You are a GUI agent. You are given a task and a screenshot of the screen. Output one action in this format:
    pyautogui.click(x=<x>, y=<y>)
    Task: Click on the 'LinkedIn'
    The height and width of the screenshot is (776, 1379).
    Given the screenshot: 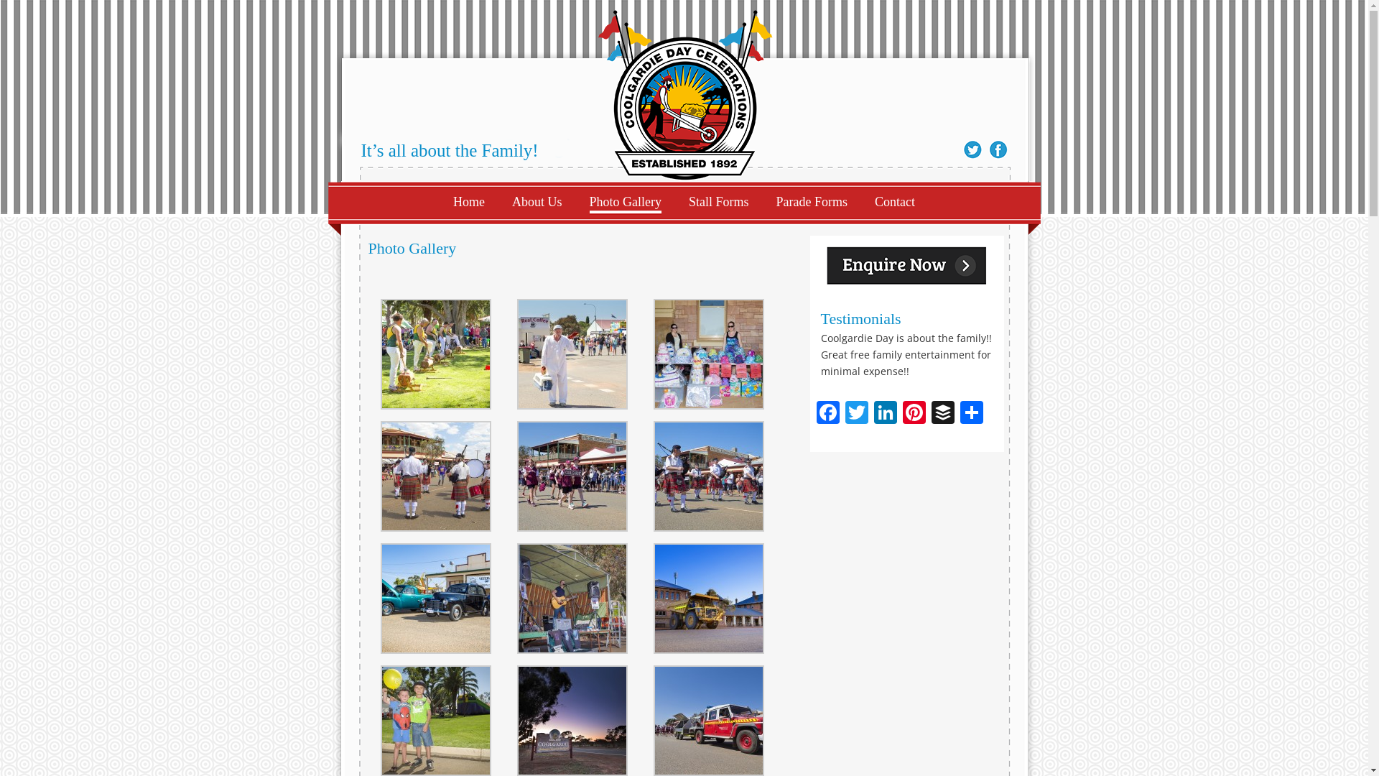 What is the action you would take?
    pyautogui.click(x=869, y=413)
    